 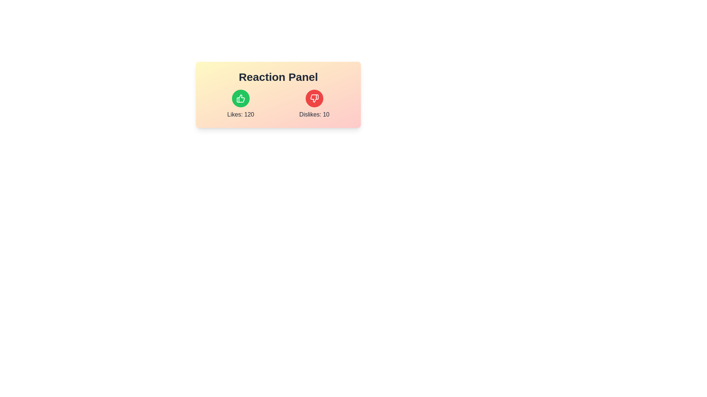 What do you see at coordinates (240, 98) in the screenshot?
I see `the green circular button with a thumbs-up icon located in the 'Reaction Panel' to give a like` at bounding box center [240, 98].